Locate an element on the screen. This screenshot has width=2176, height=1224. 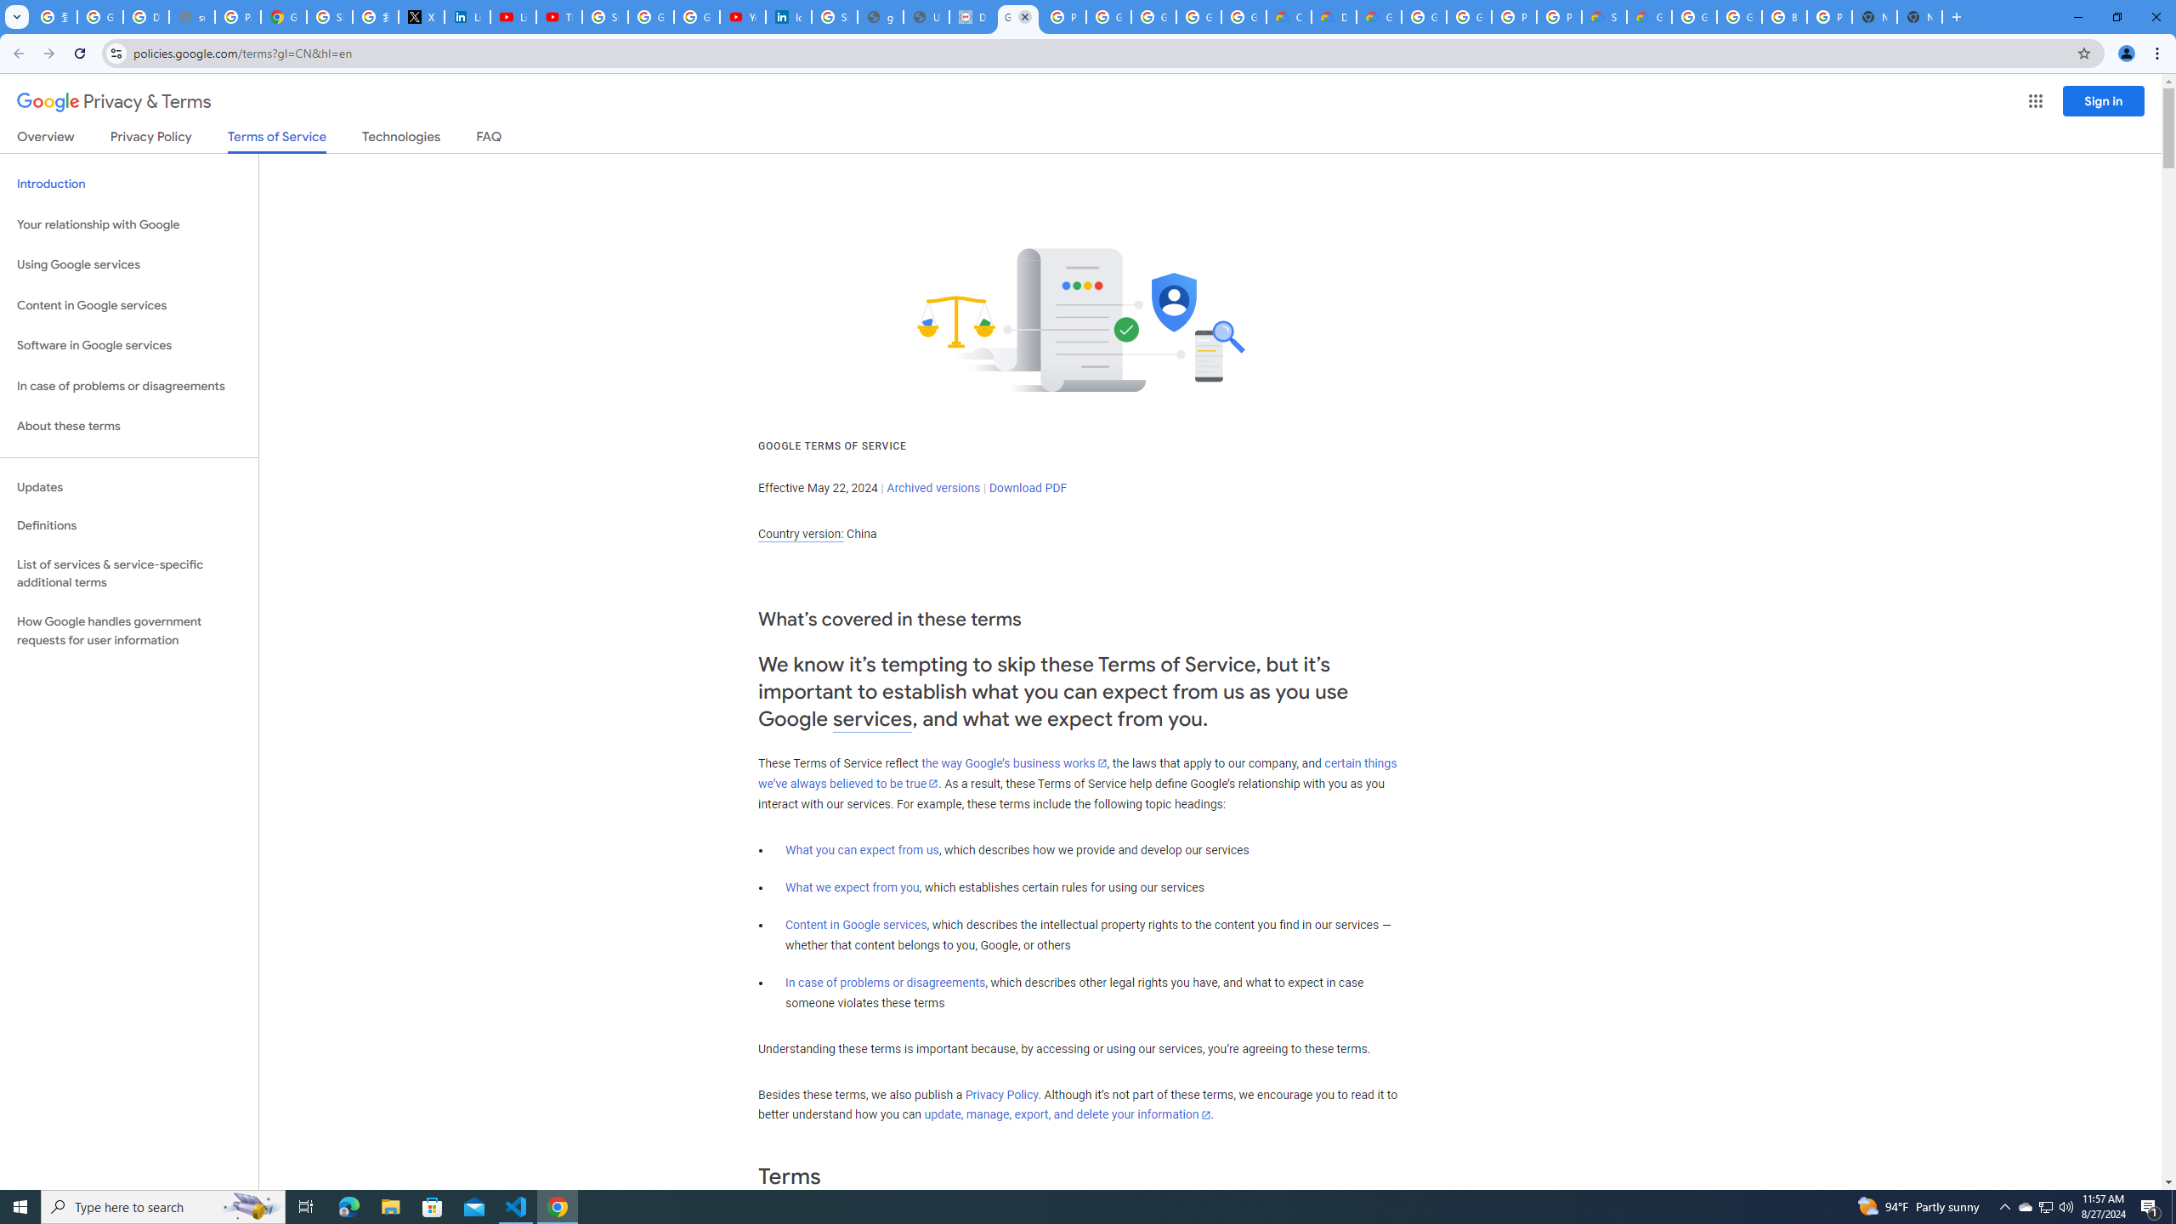
'Using Google services' is located at coordinates (128, 263).